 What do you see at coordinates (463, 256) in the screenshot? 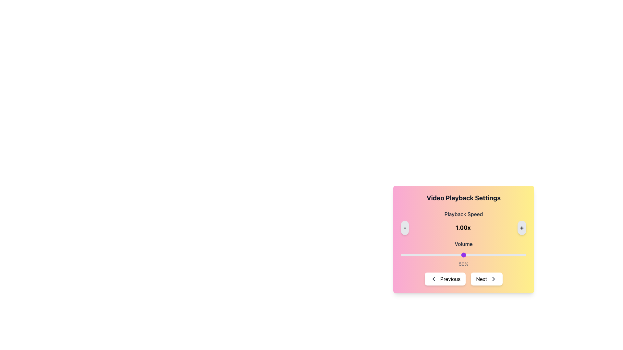
I see `the 'Previous' and 'Next' buttons in the 'Video Playback Settings' panel` at bounding box center [463, 256].